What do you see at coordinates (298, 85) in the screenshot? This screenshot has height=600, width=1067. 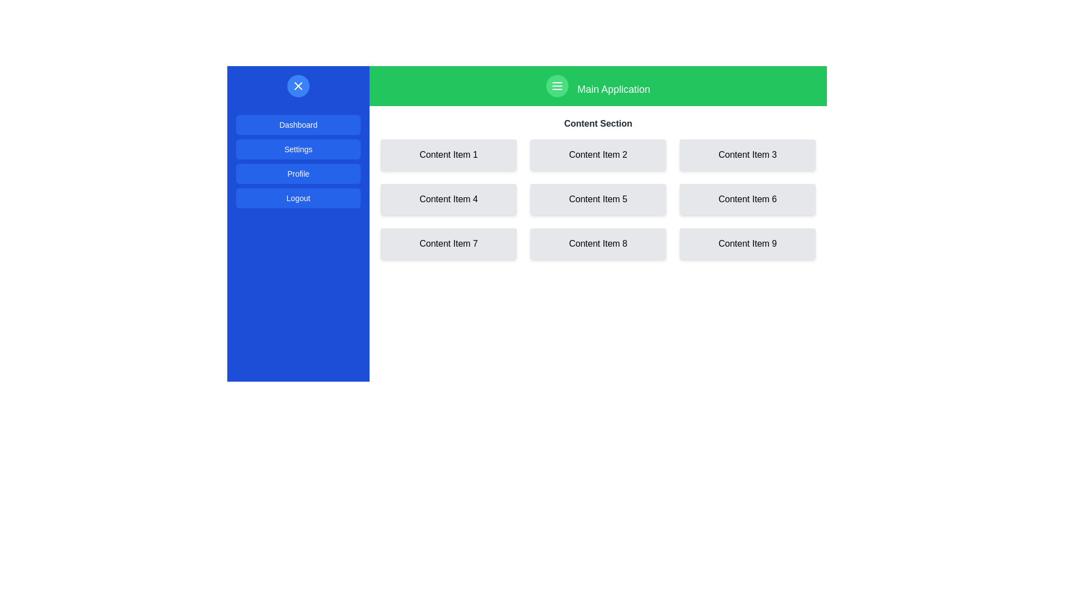 I see `the small circular button with a blue background and a white 'X' icon located in the upper left corner of the main blue sidebar` at bounding box center [298, 85].